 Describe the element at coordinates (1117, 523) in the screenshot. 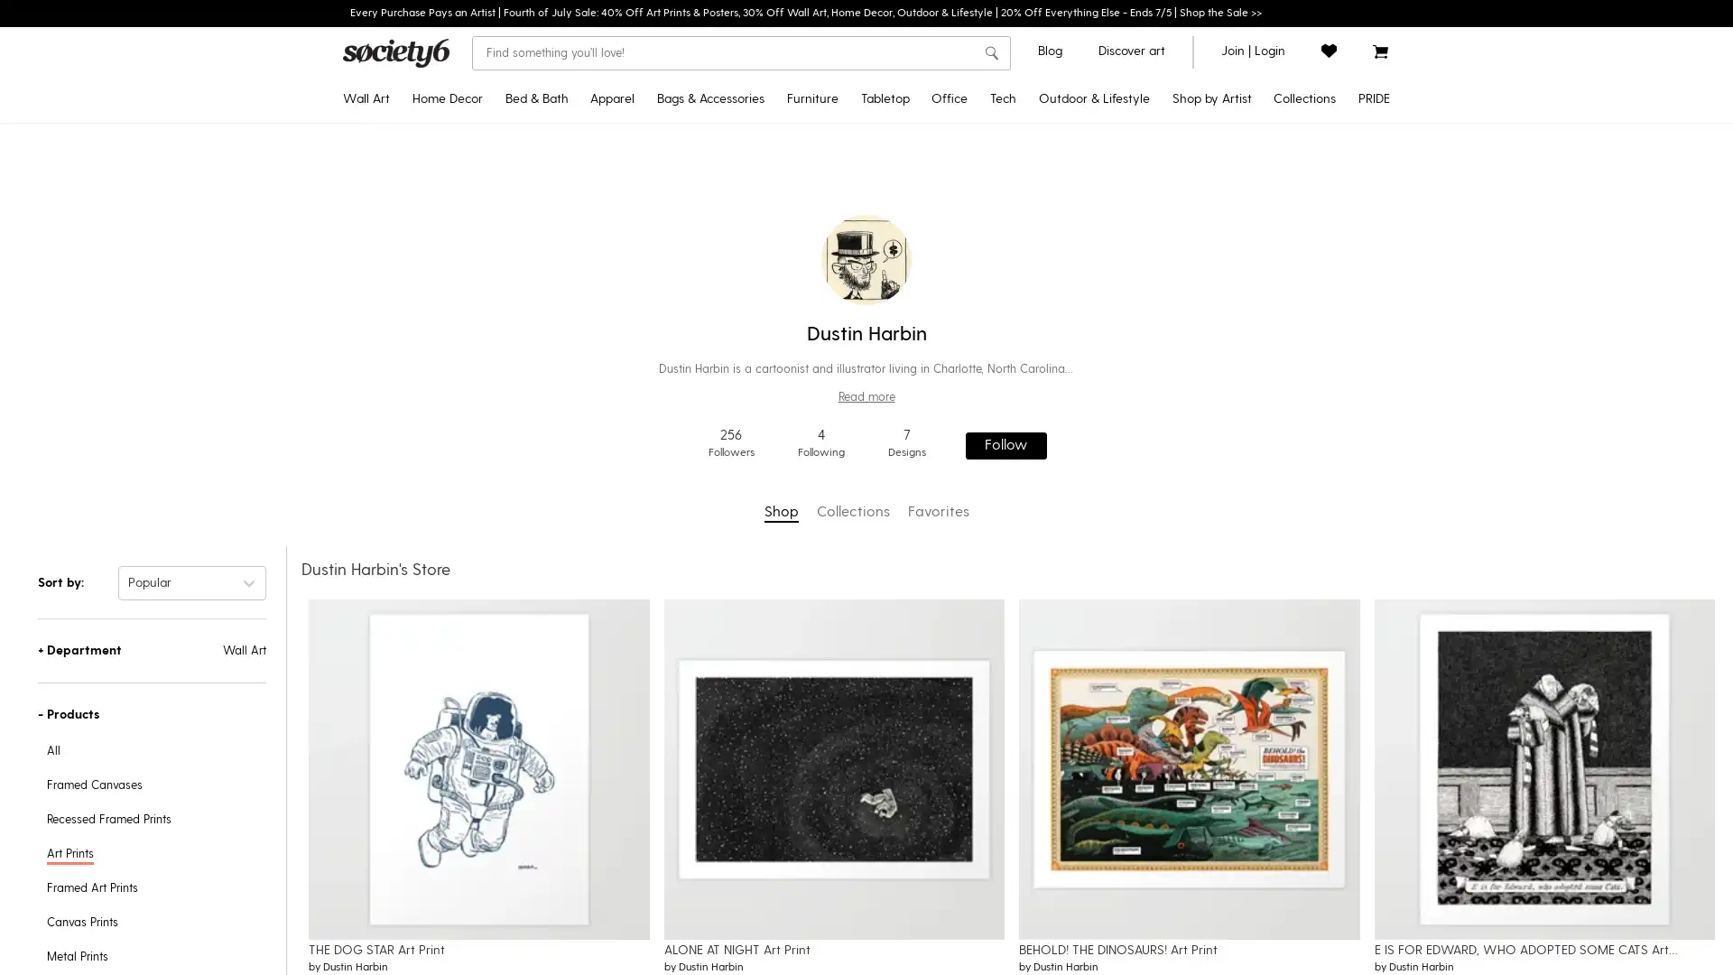

I see `Floor Cushions` at that location.